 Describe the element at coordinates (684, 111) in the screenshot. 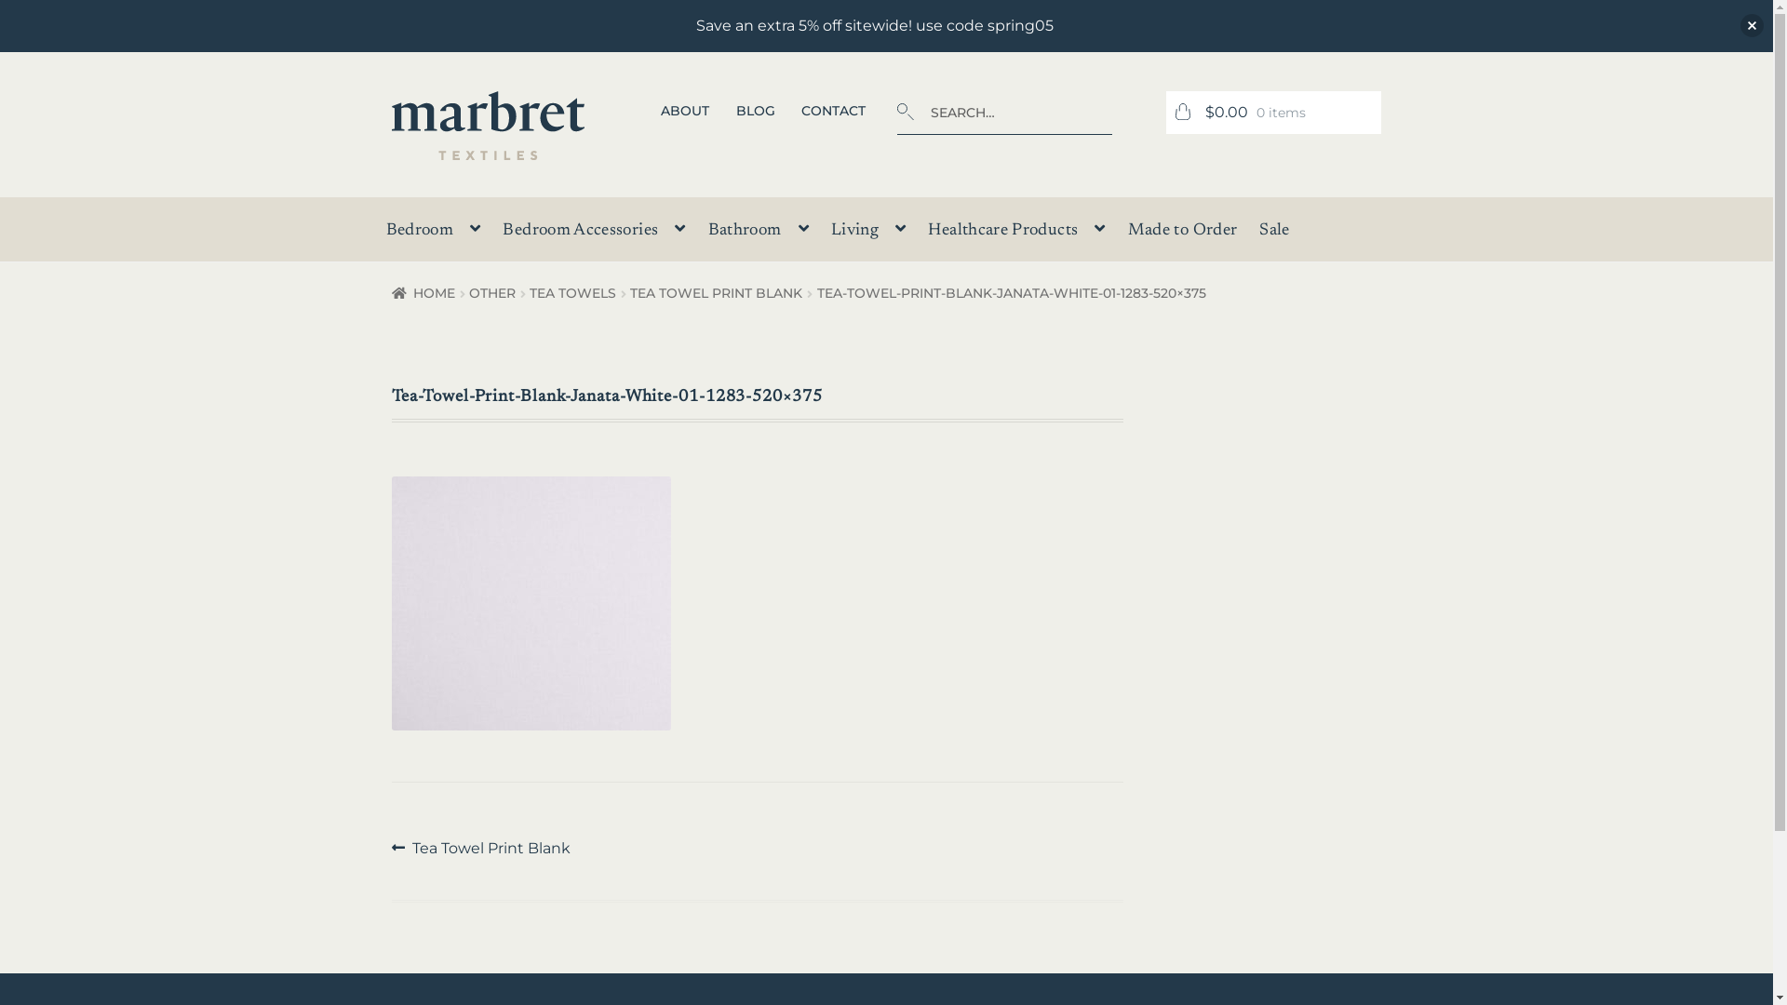

I see `'ABOUT'` at that location.